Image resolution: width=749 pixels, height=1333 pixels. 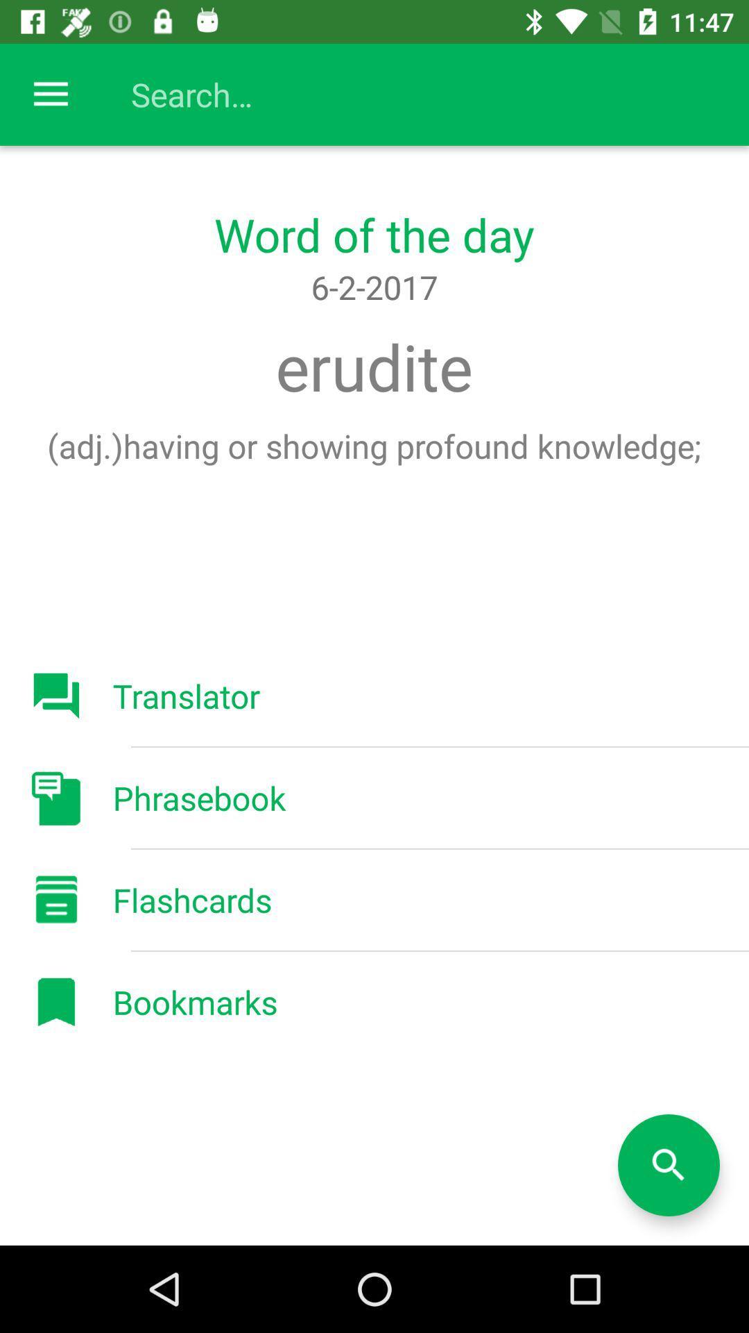 I want to click on the button which says translator, so click(x=55, y=696).